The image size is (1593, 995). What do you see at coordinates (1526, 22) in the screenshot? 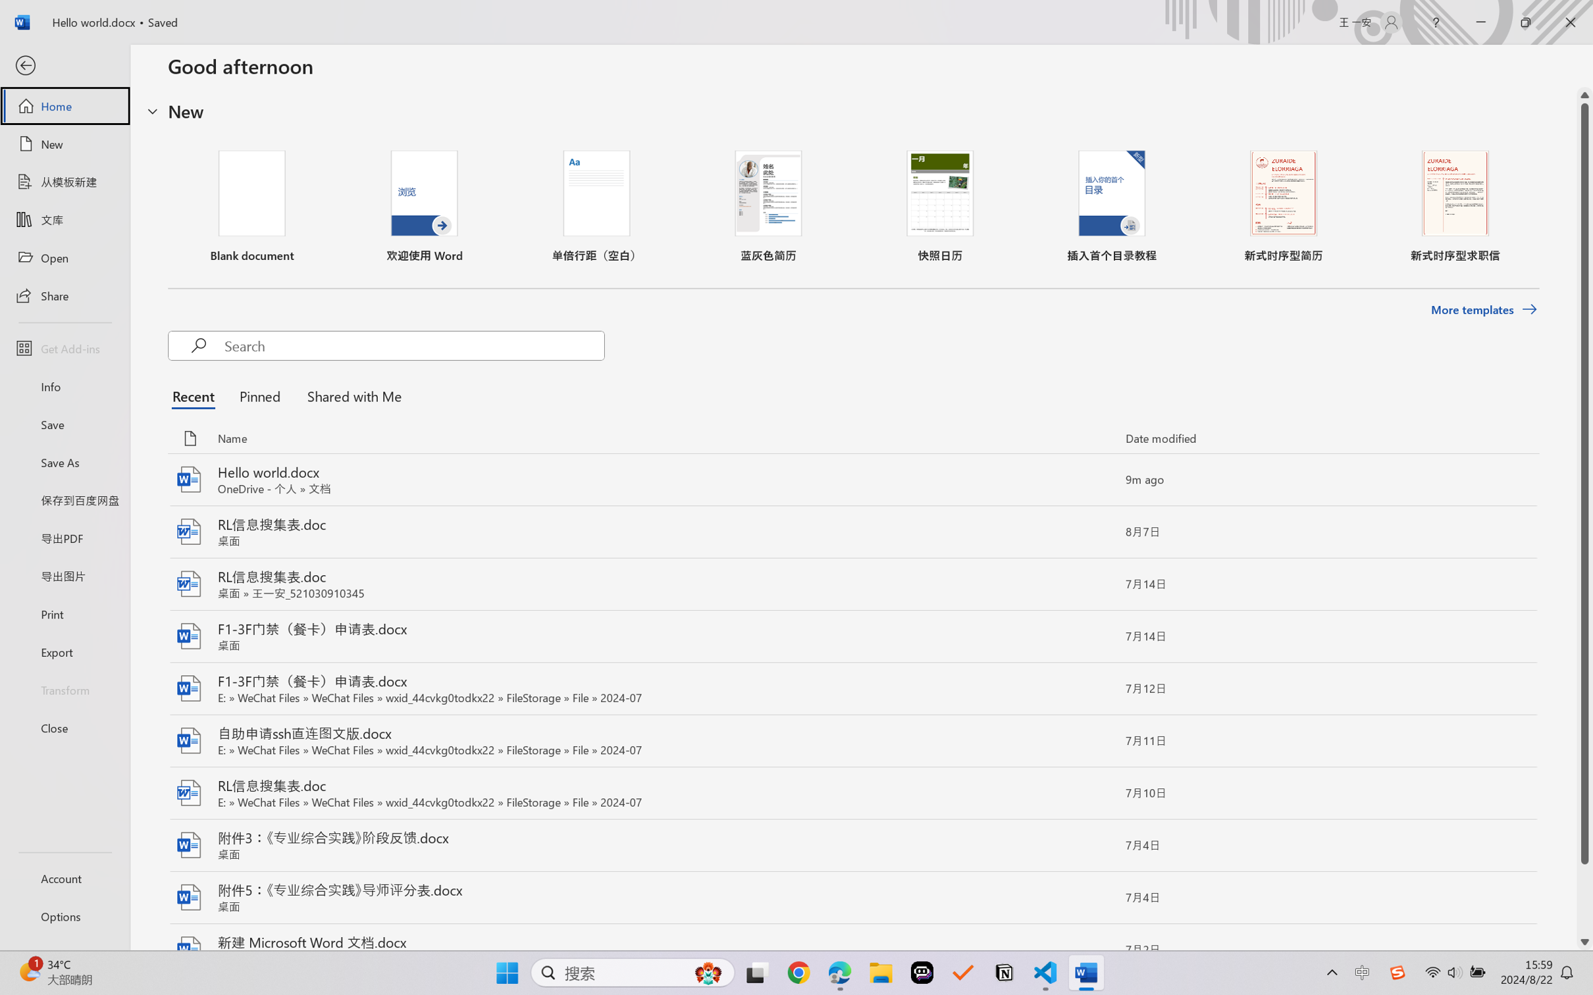
I see `'Restore Down'` at bounding box center [1526, 22].